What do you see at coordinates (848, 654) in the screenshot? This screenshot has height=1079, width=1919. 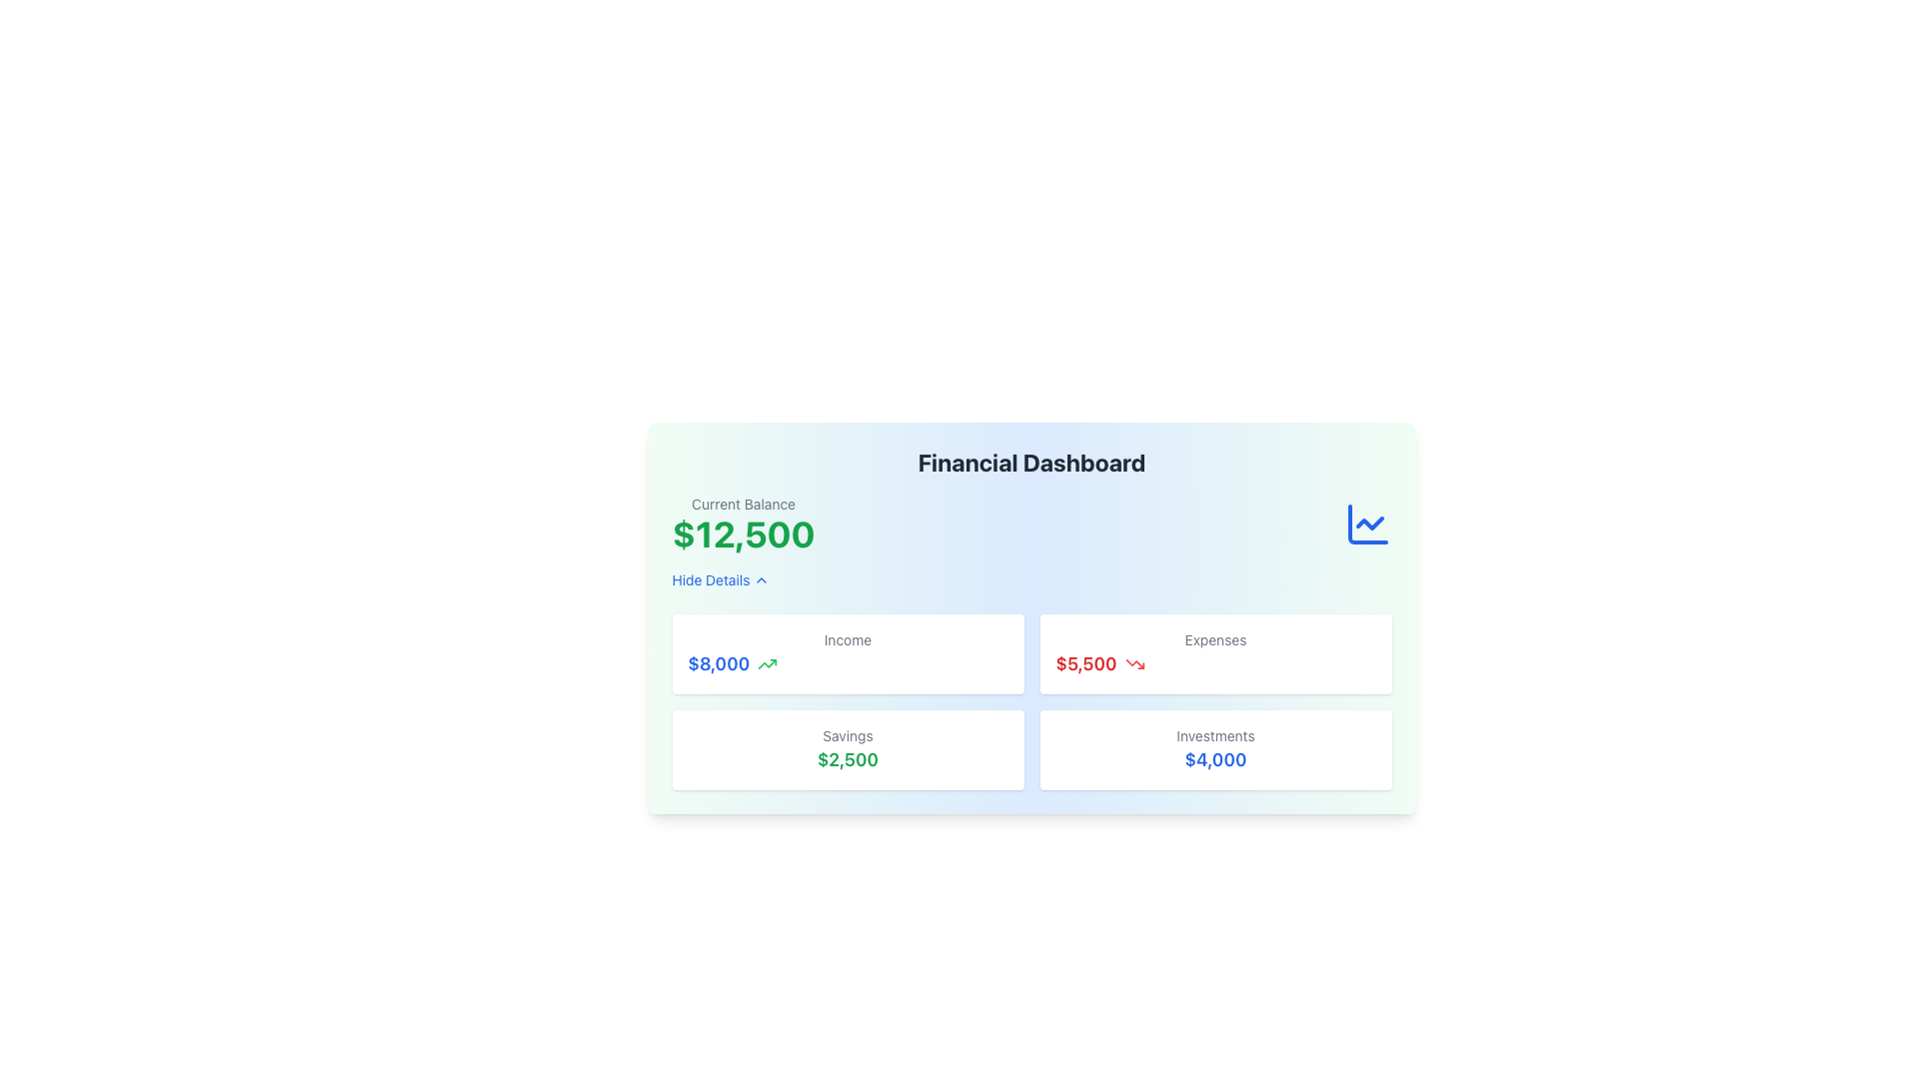 I see `the Information card that displays the user's income information, labeled 'Income', located in the top-left section of the grid layout` at bounding box center [848, 654].